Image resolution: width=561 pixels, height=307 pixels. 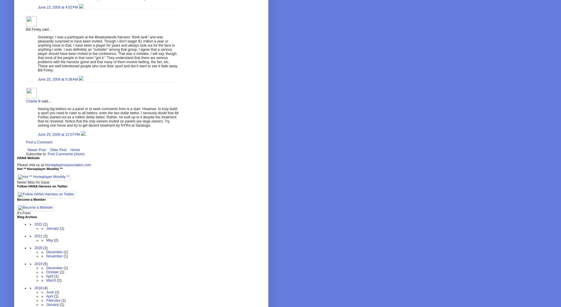 What do you see at coordinates (67, 165) in the screenshot?
I see `'Horseplayersassociation.com'` at bounding box center [67, 165].